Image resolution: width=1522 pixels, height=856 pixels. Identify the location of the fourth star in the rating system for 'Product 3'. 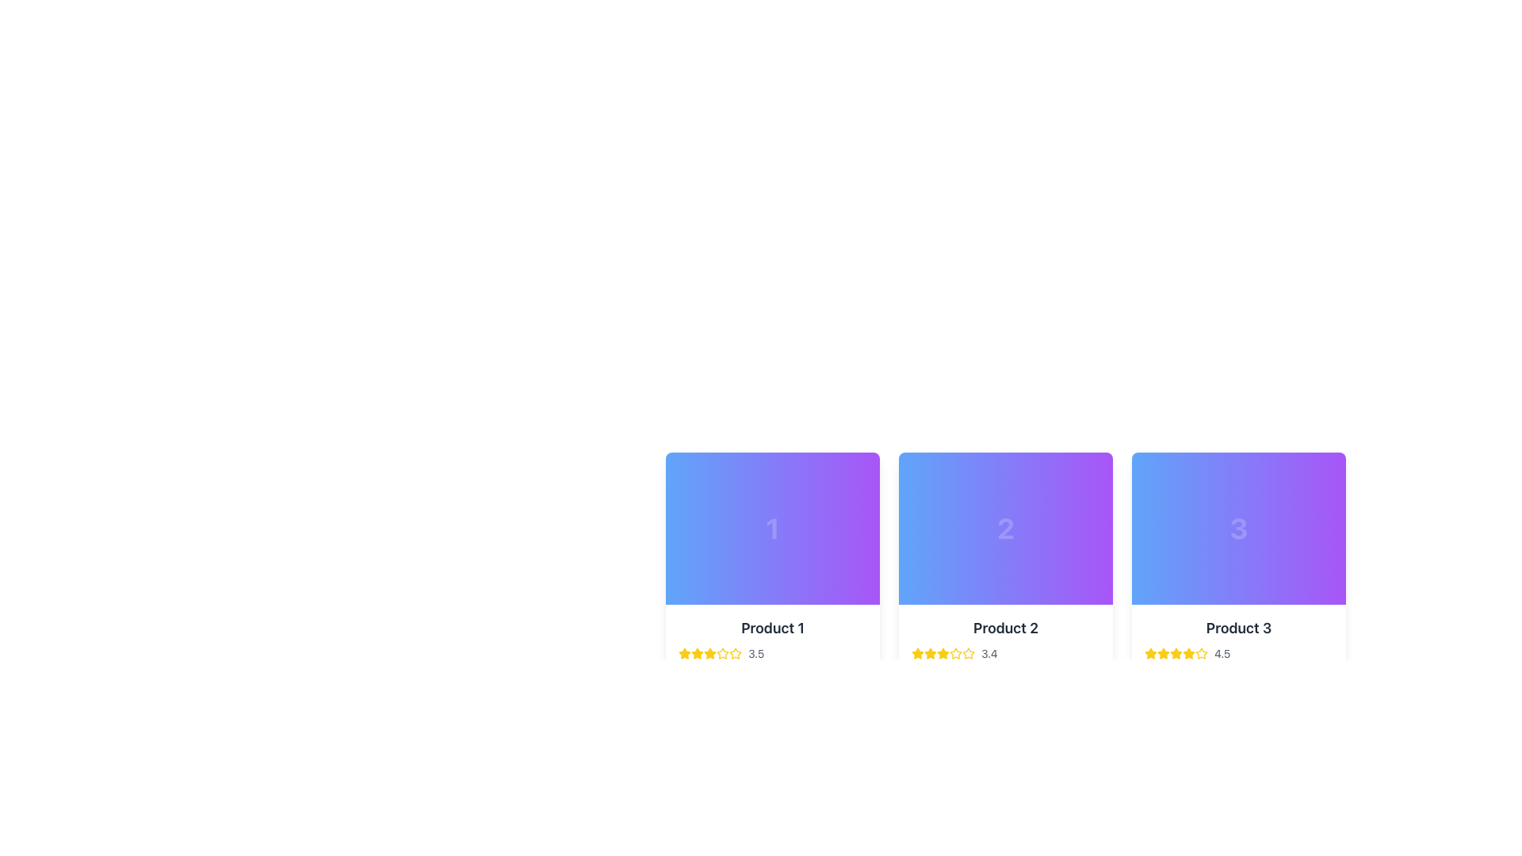
(1188, 653).